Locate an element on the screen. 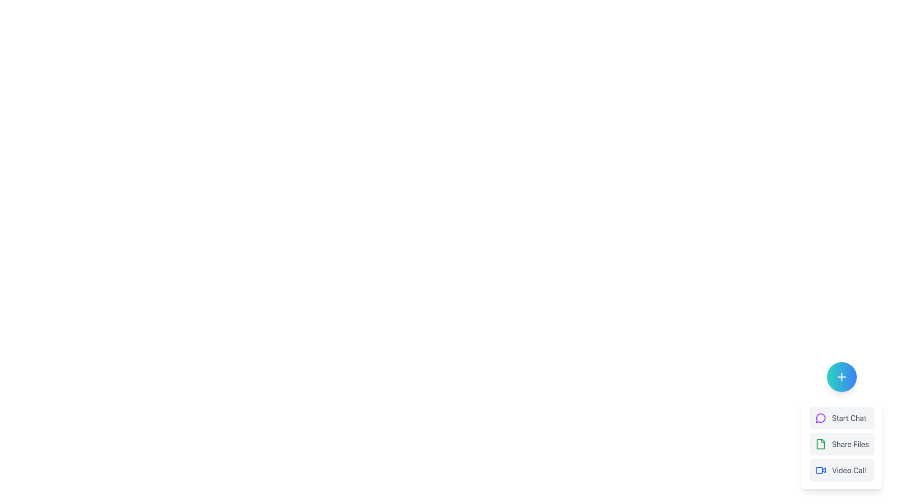  the chat icon represented by a purple speech bubble shape with a pointed tail, located to the left of the 'Start Chat' text within a button is located at coordinates (820, 417).